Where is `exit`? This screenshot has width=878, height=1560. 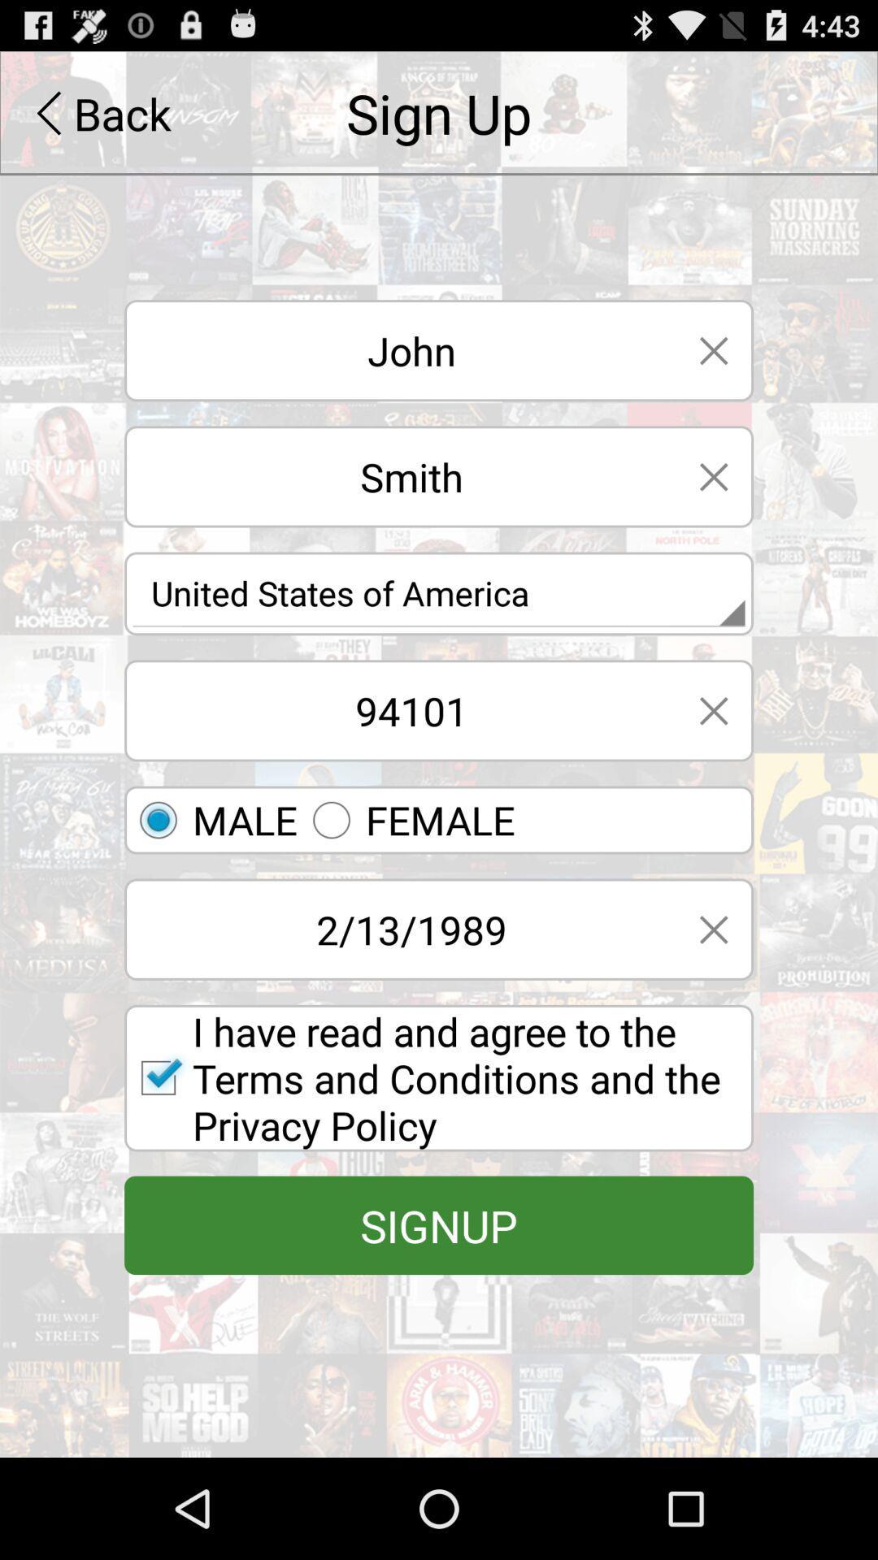
exit is located at coordinates (713, 710).